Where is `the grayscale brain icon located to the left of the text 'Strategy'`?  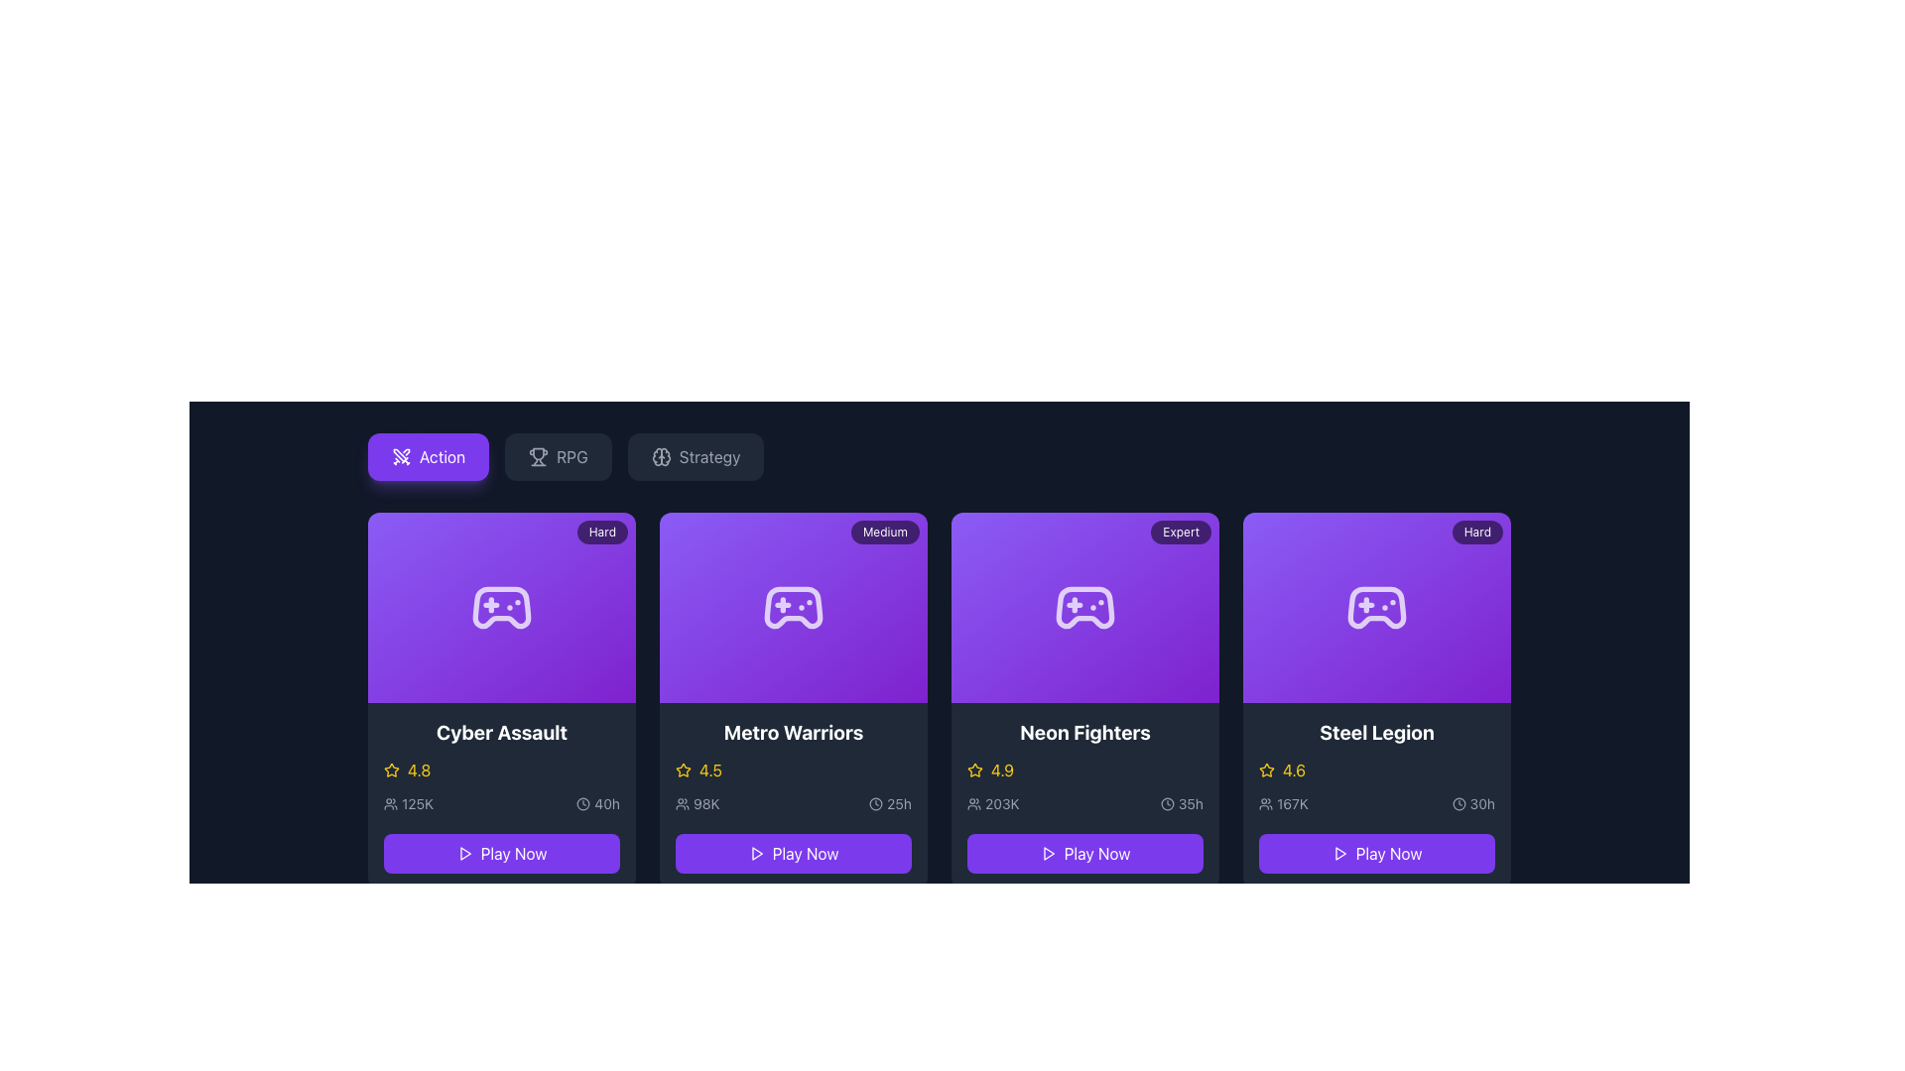 the grayscale brain icon located to the left of the text 'Strategy' is located at coordinates (661, 457).